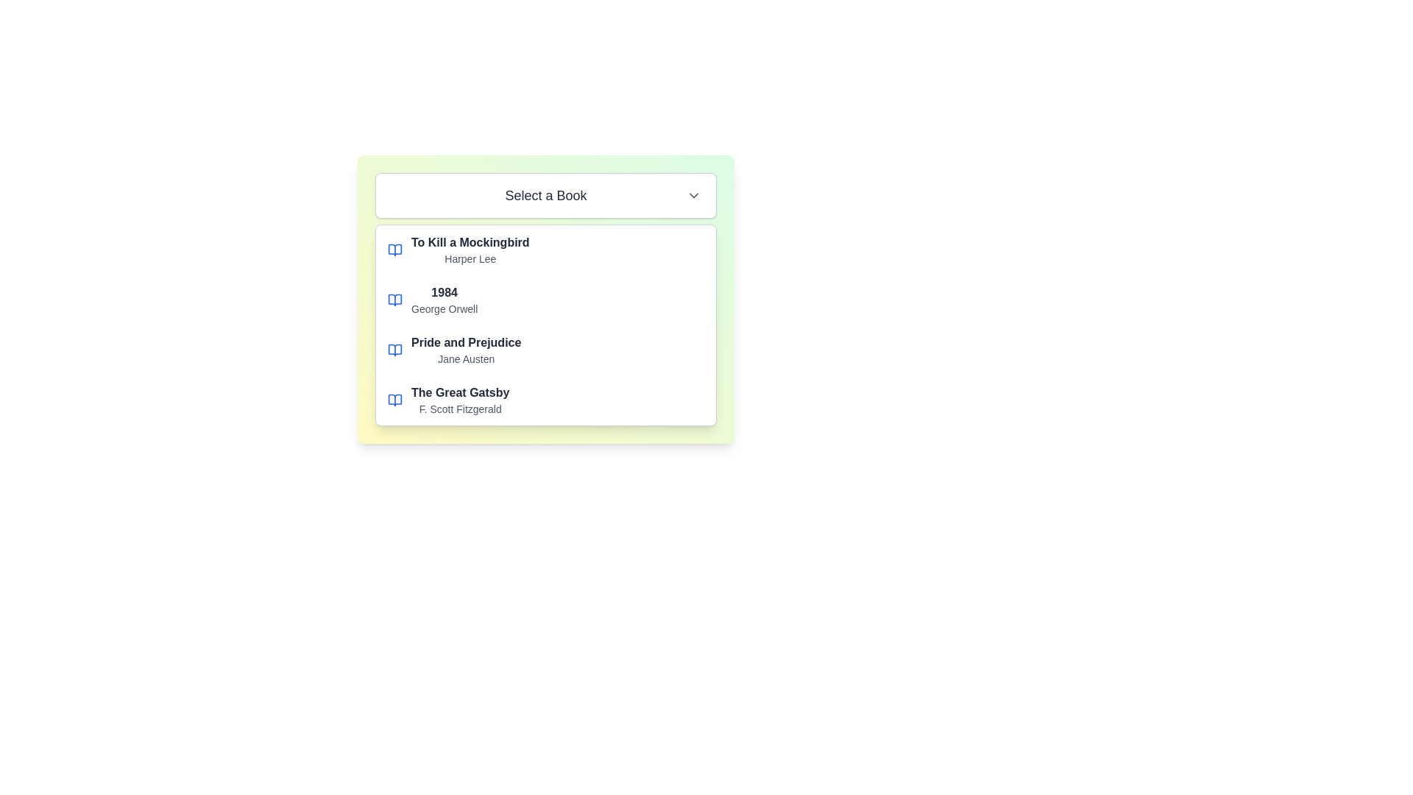 This screenshot has width=1413, height=795. Describe the element at coordinates (395, 249) in the screenshot. I see `the small blue open book icon located next to the title 'To Kill a Mockingbird' in the dropdown menu` at that location.